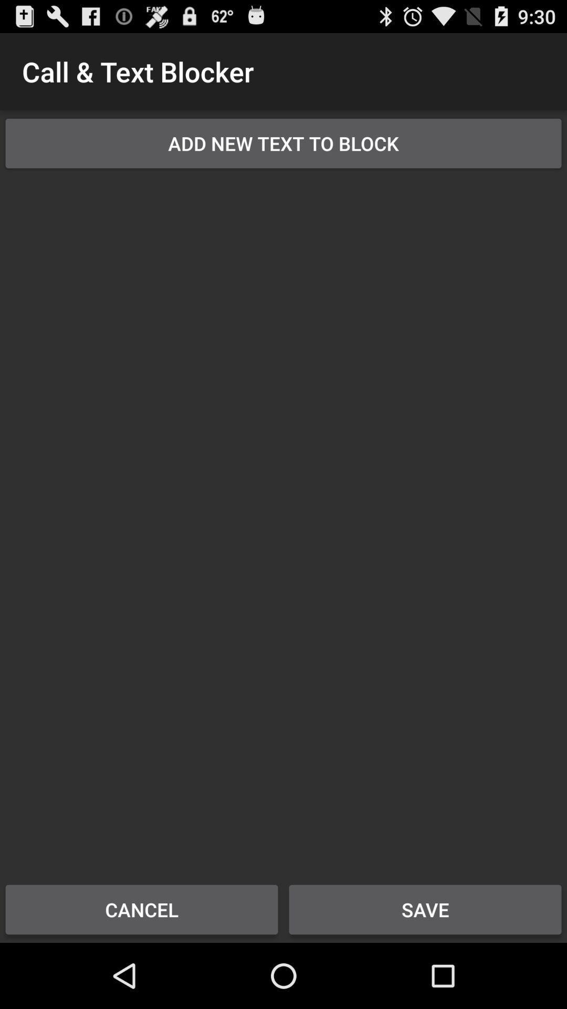  I want to click on item below call & text blocker icon, so click(283, 143).